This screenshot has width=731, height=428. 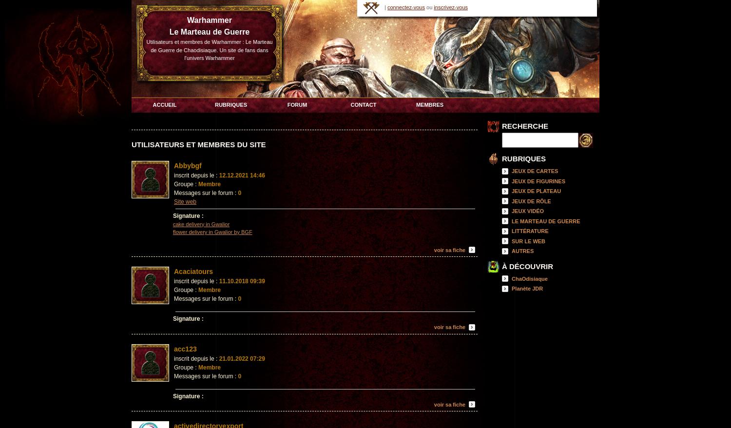 What do you see at coordinates (385, 7) in the screenshot?
I see `'|'` at bounding box center [385, 7].